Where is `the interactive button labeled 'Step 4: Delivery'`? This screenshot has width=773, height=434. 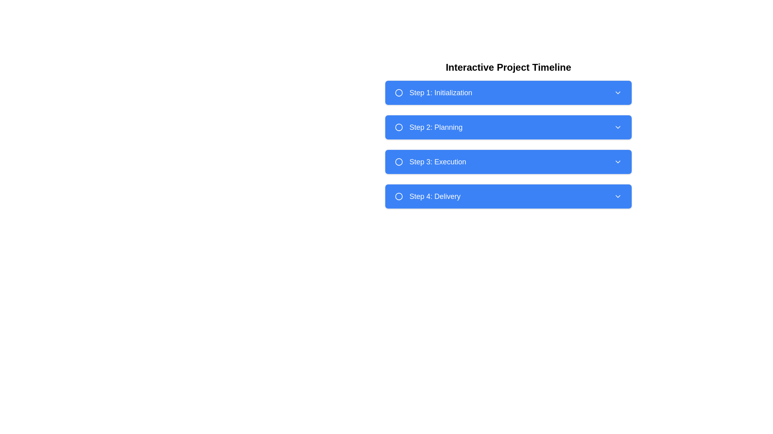
the interactive button labeled 'Step 4: Delivery' is located at coordinates (508, 197).